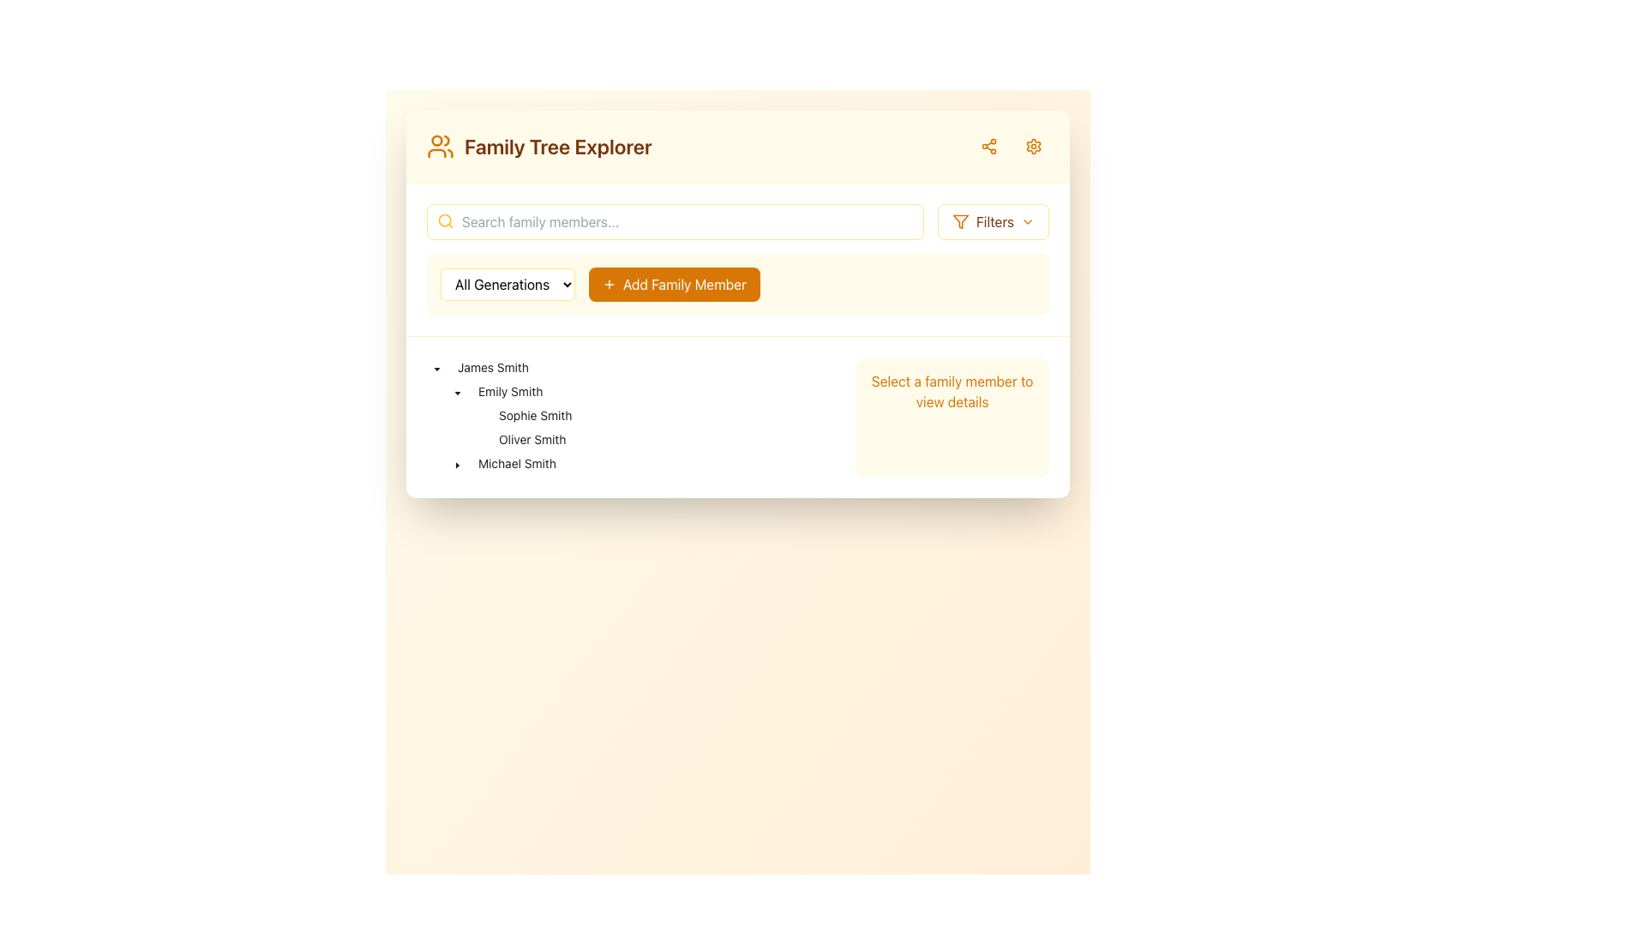 This screenshot has width=1646, height=926. What do you see at coordinates (457, 391) in the screenshot?
I see `the Tree toggle button (Icon) next to 'Emily Smith'` at bounding box center [457, 391].